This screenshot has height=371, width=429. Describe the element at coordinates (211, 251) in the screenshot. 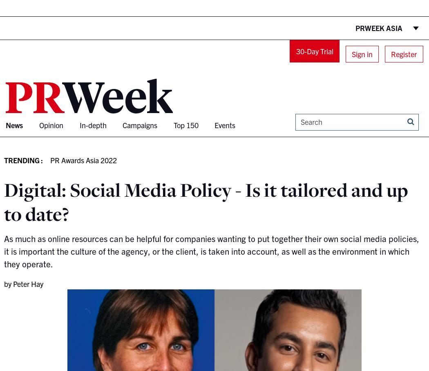

I see `'As much as online resources can be helpful for companies wanting to put together their own social media policies, it is important the culture of the agency, or the client, is taken into account, as well as the environment in which they operate.'` at that location.